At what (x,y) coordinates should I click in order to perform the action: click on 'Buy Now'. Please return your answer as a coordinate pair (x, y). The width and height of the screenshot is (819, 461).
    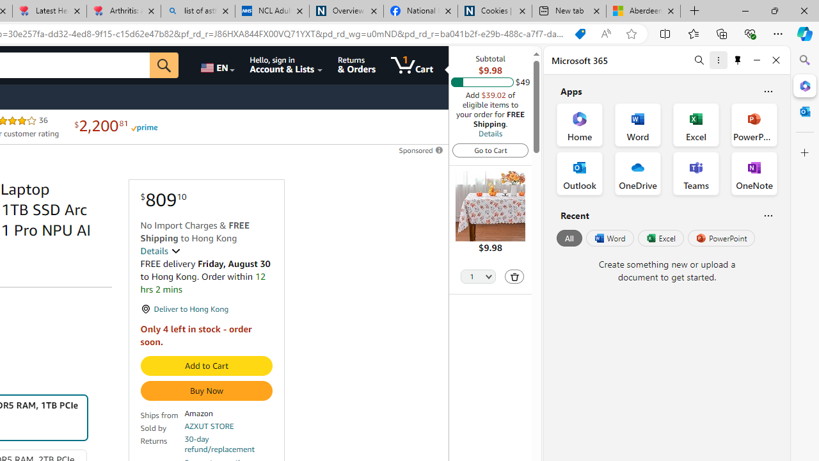
    Looking at the image, I should click on (206, 390).